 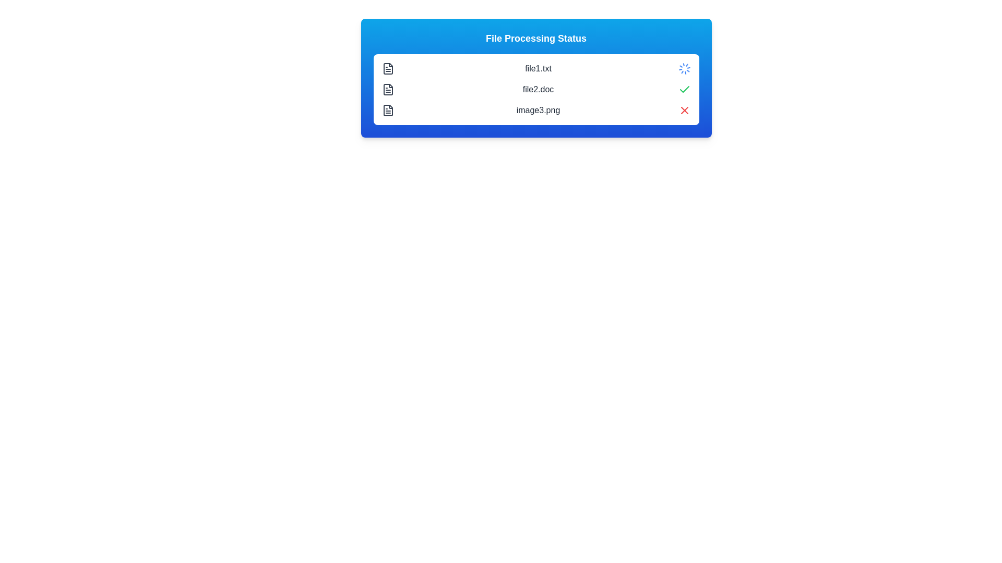 What do you see at coordinates (536, 89) in the screenshot?
I see `filename 'file2.doc' and its processing status from the second row of the 'File Processing Status' panel, which is visually indicated by a green checkmark icon` at bounding box center [536, 89].